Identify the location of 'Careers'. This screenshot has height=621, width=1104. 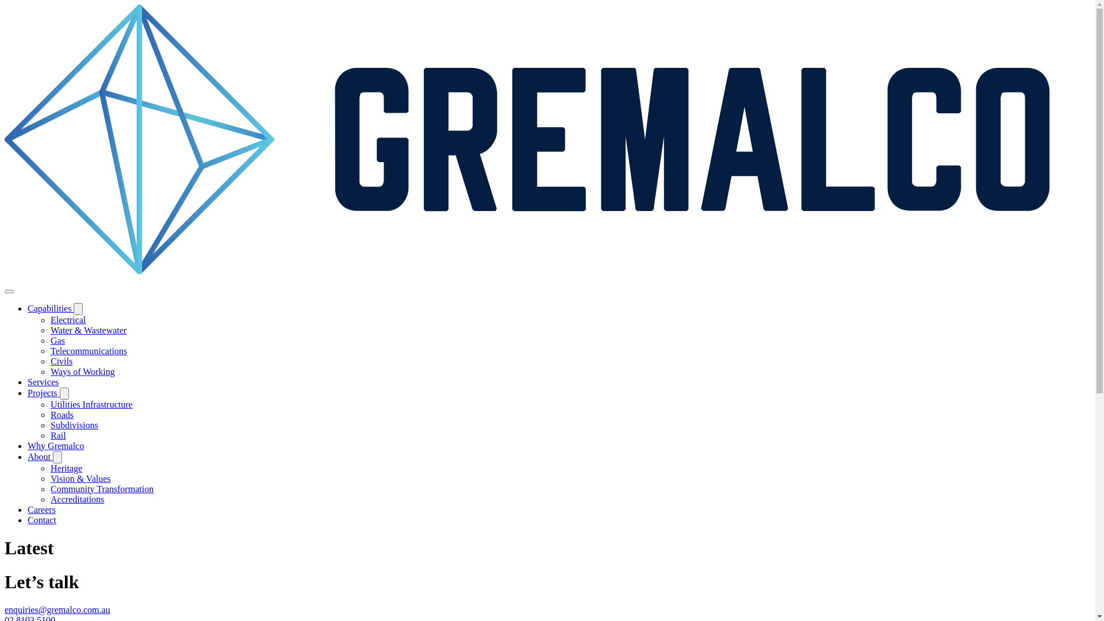
(41, 509).